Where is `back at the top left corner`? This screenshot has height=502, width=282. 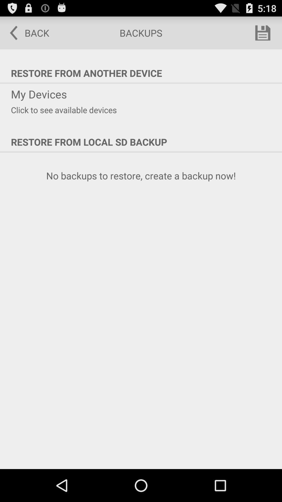
back at the top left corner is located at coordinates (26, 32).